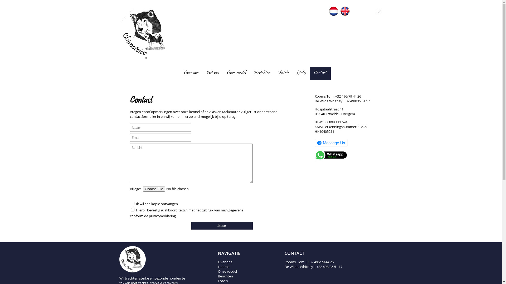 The image size is (506, 284). Describe the element at coordinates (223, 281) in the screenshot. I see `'Foto's'` at that location.